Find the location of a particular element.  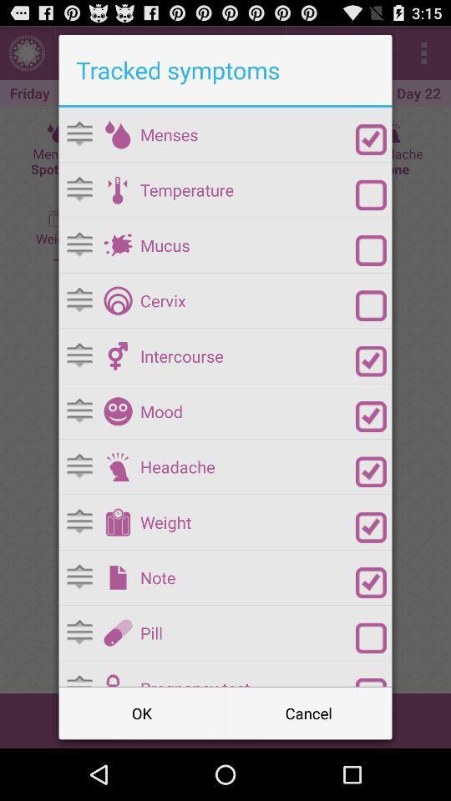

the cancel item is located at coordinates (307, 712).